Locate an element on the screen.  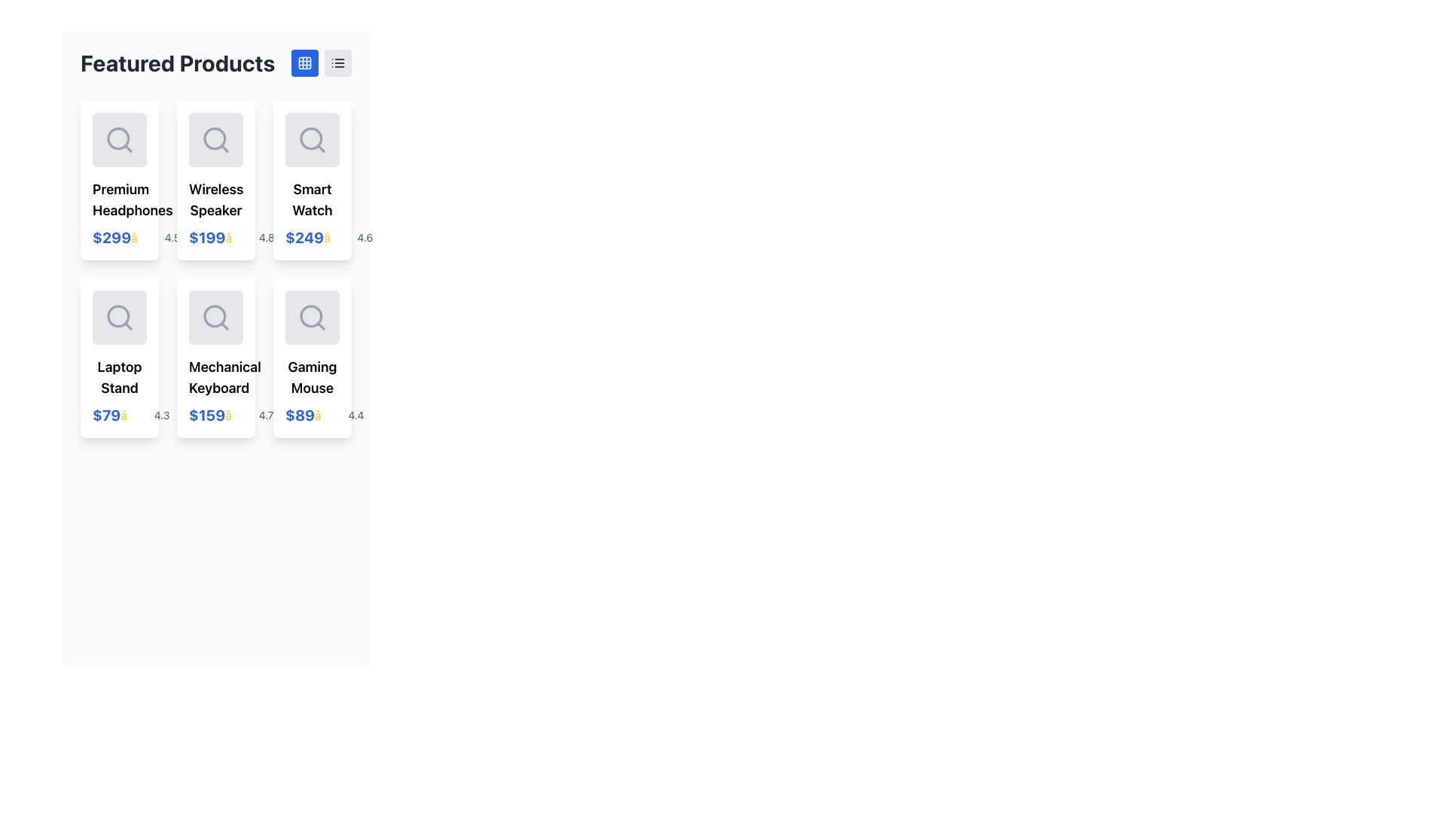
the 'Mechanical Keyboard' text label located in the second card of the second row in the product grid layout is located at coordinates (215, 376).